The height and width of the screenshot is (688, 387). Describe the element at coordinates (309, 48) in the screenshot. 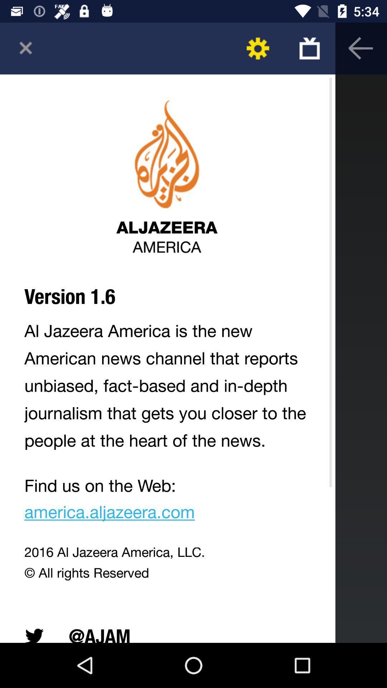

I see `button at the top right corner` at that location.